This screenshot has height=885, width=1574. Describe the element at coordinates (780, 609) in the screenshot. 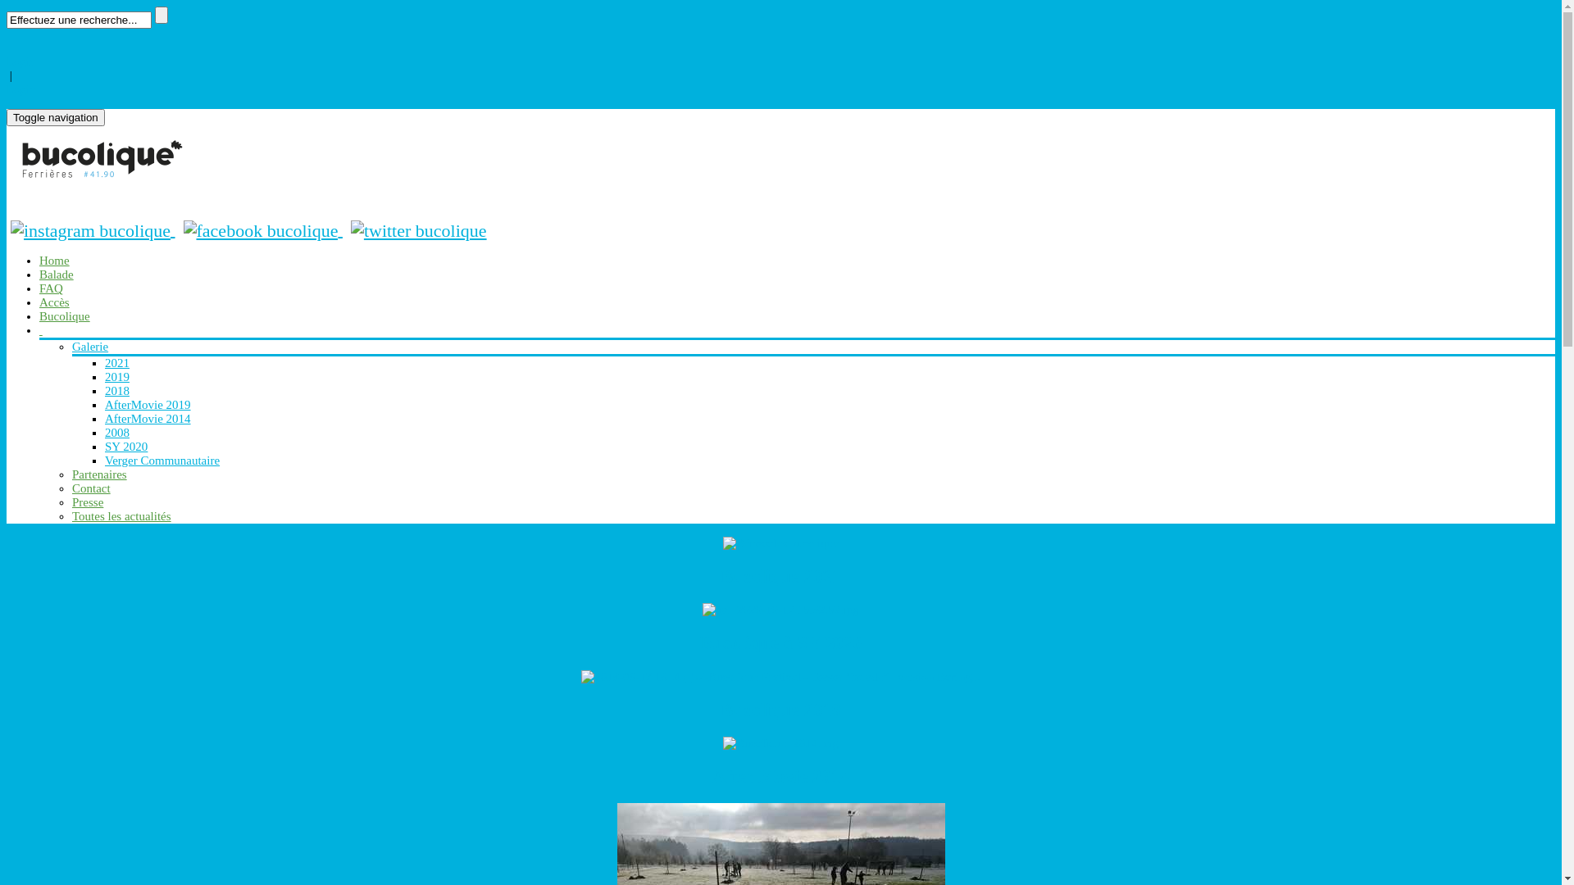

I see `'SY 2020'` at that location.